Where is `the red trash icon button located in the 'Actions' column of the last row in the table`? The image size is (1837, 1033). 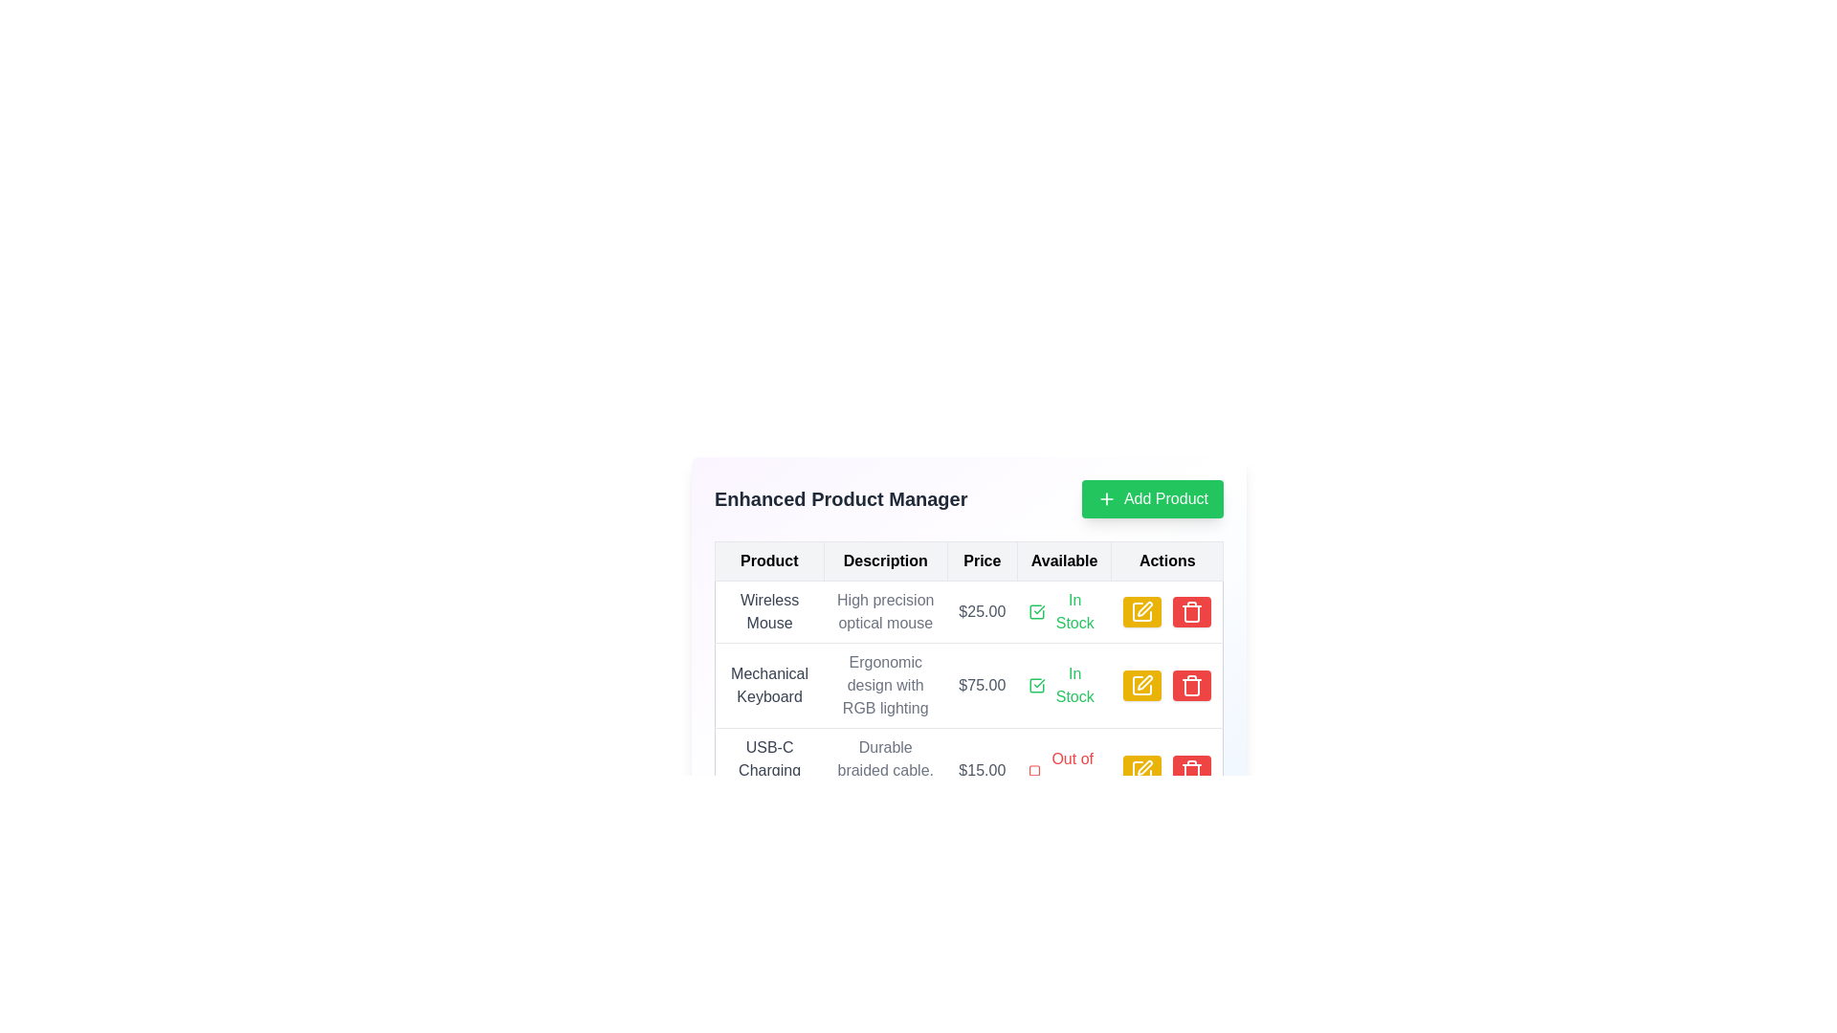
the red trash icon button located in the 'Actions' column of the last row in the table is located at coordinates (1190, 770).